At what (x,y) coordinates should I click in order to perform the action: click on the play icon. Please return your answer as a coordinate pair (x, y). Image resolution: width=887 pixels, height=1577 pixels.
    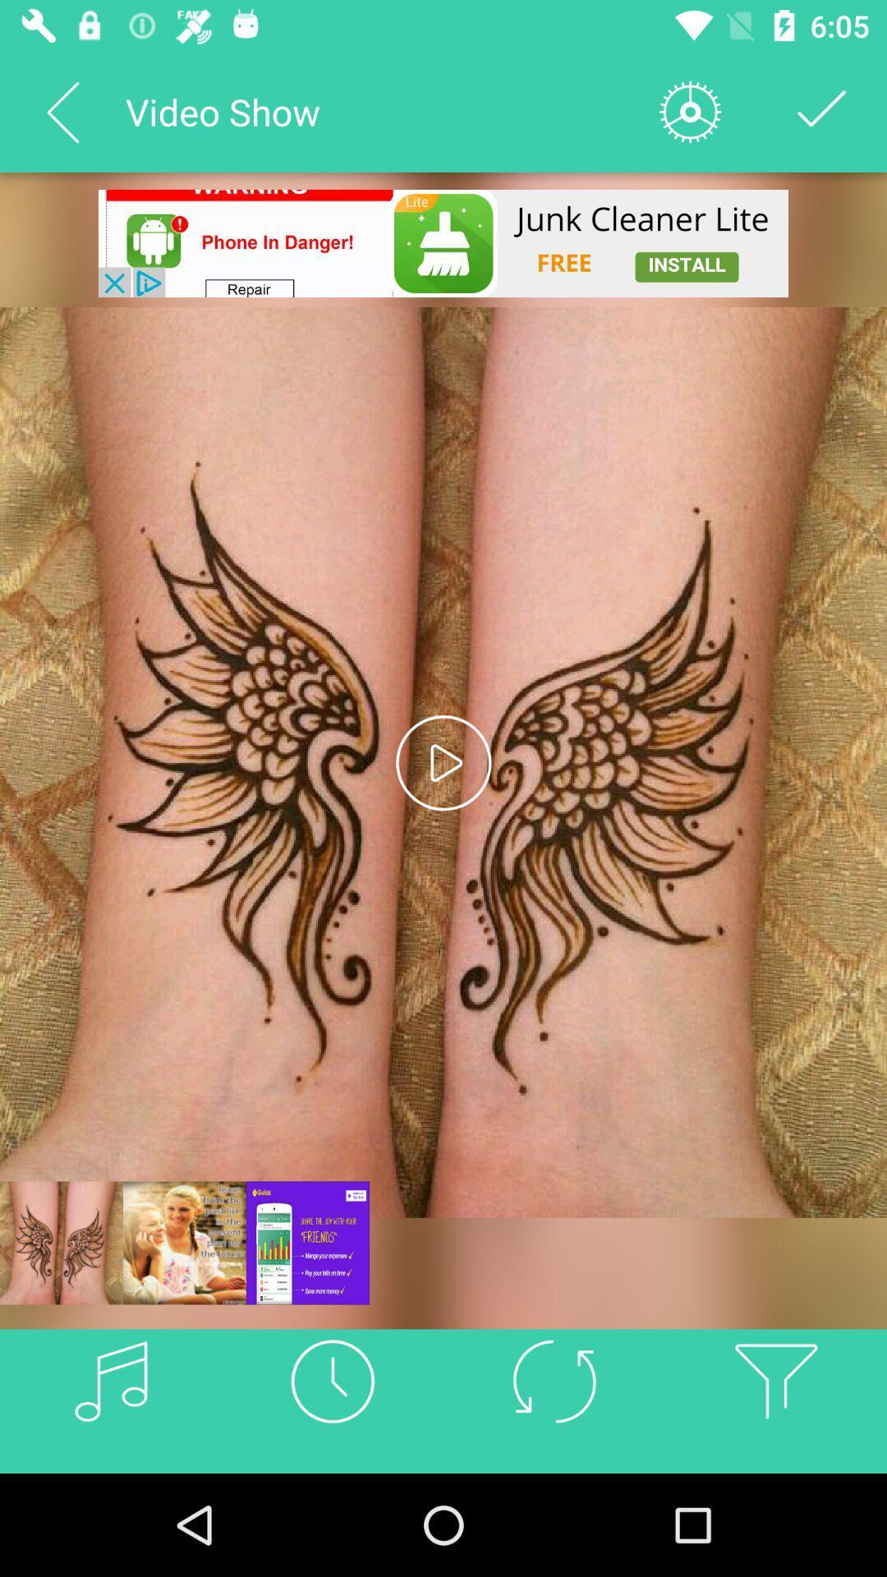
    Looking at the image, I should click on (443, 761).